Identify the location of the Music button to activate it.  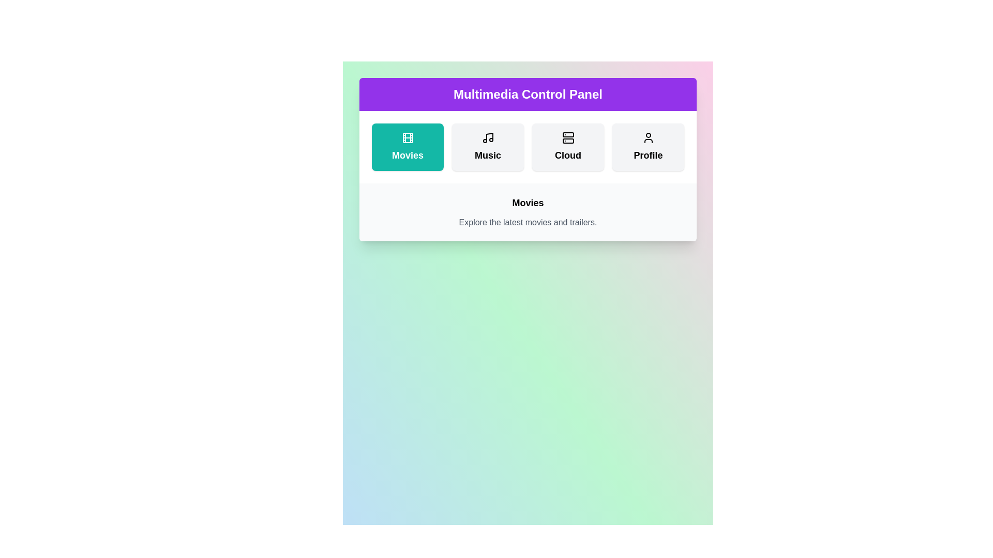
(487, 147).